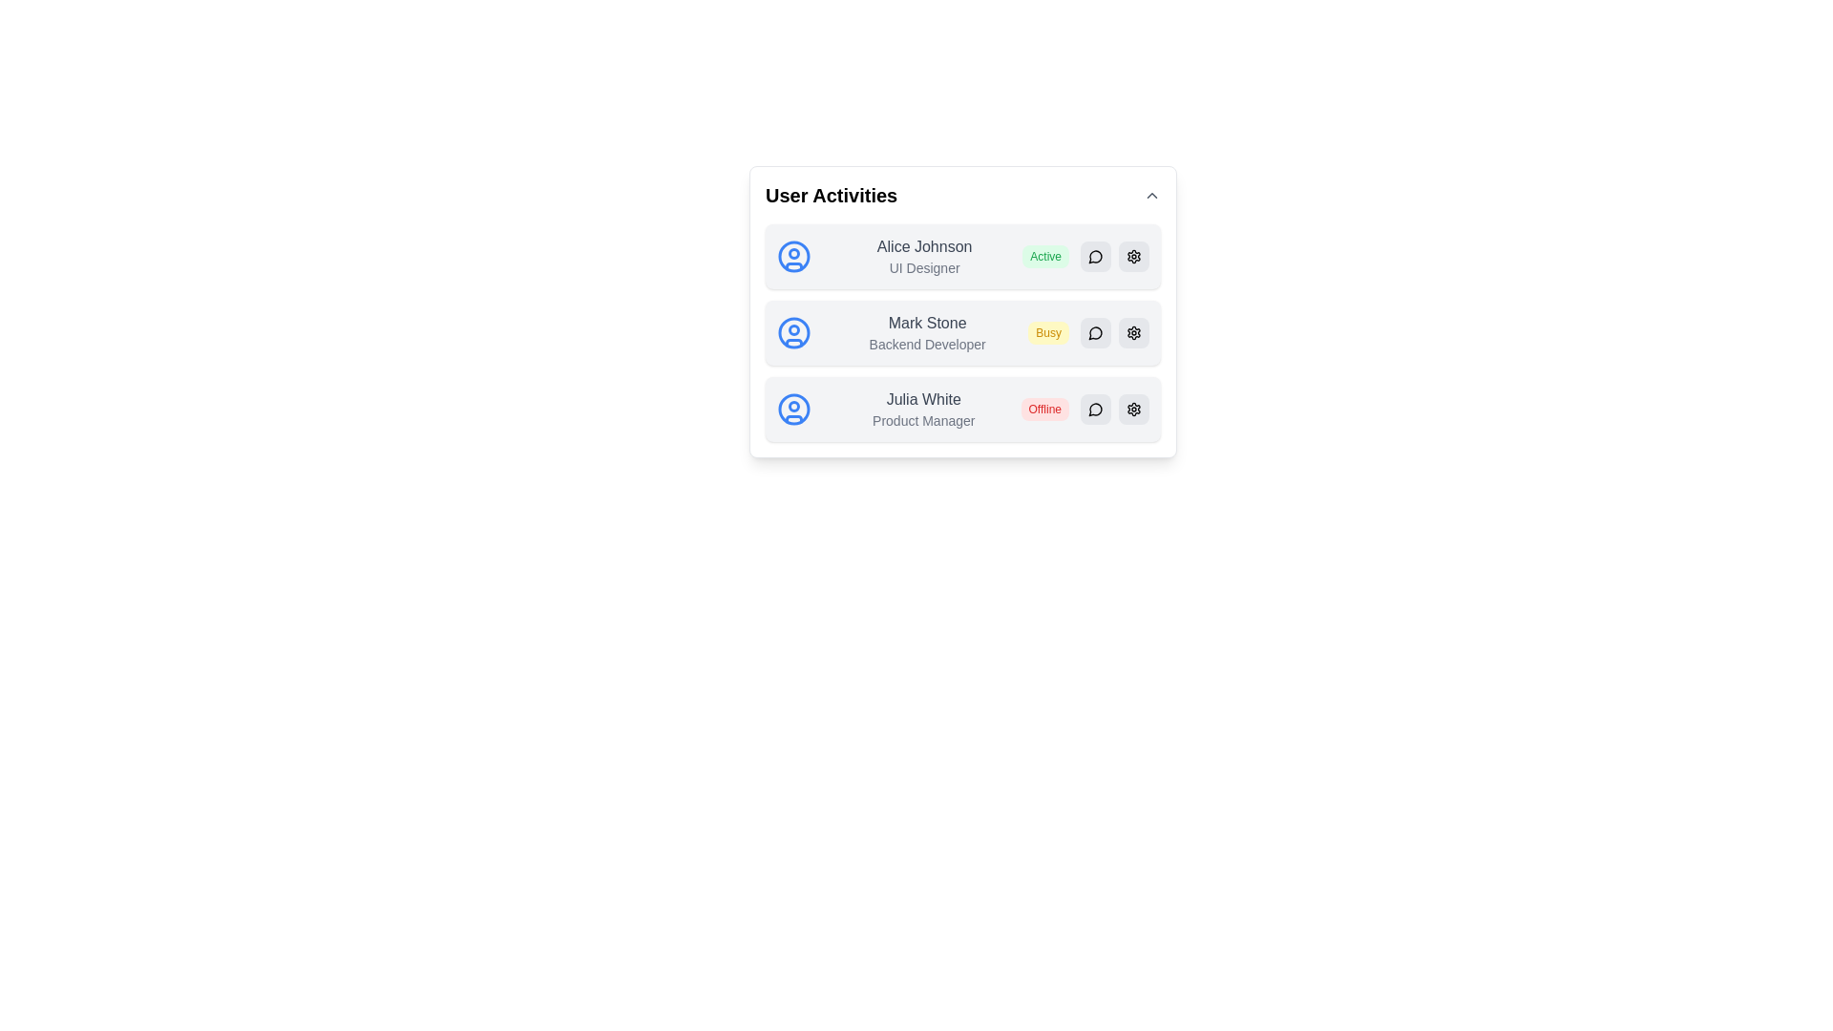 This screenshot has height=1031, width=1833. What do you see at coordinates (924, 245) in the screenshot?
I see `the static text displaying the name 'Alice Johnson' in gray color, located in the 'User Activities' panel, at the topmost row of user information` at bounding box center [924, 245].